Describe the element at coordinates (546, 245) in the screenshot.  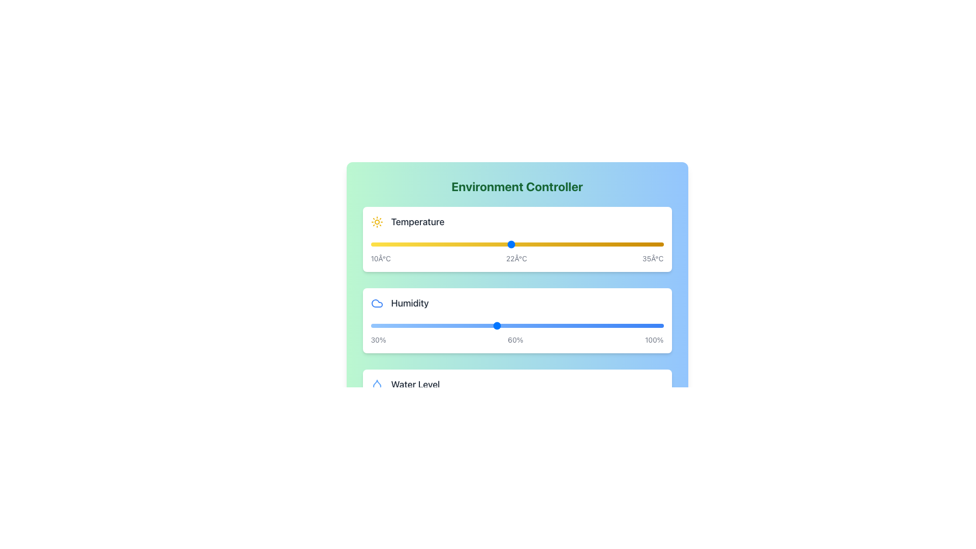
I see `the temperature` at that location.